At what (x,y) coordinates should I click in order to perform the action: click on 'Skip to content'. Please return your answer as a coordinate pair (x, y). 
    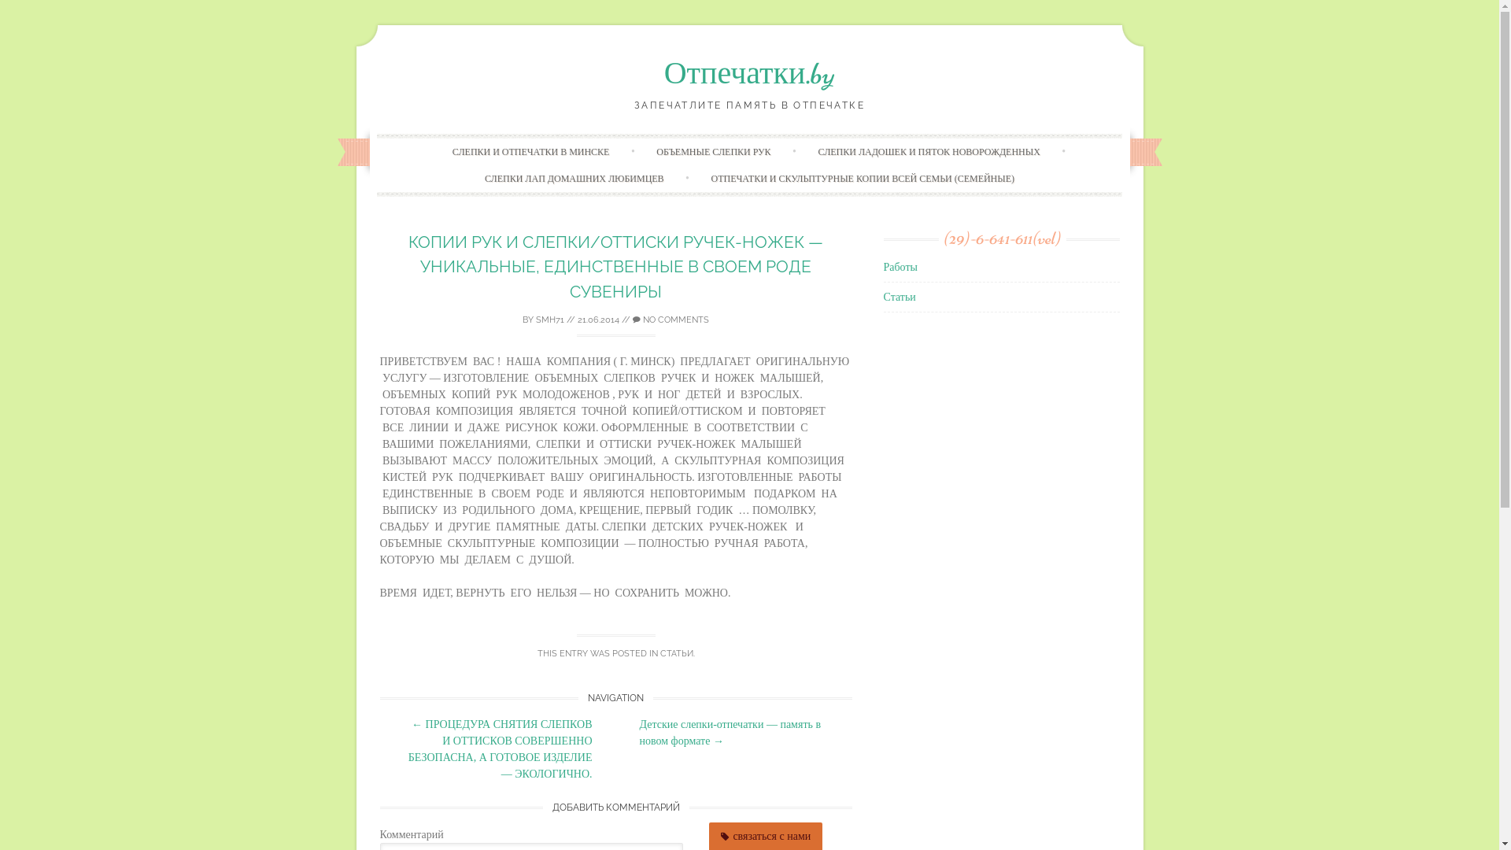
    Looking at the image, I should click on (782, 142).